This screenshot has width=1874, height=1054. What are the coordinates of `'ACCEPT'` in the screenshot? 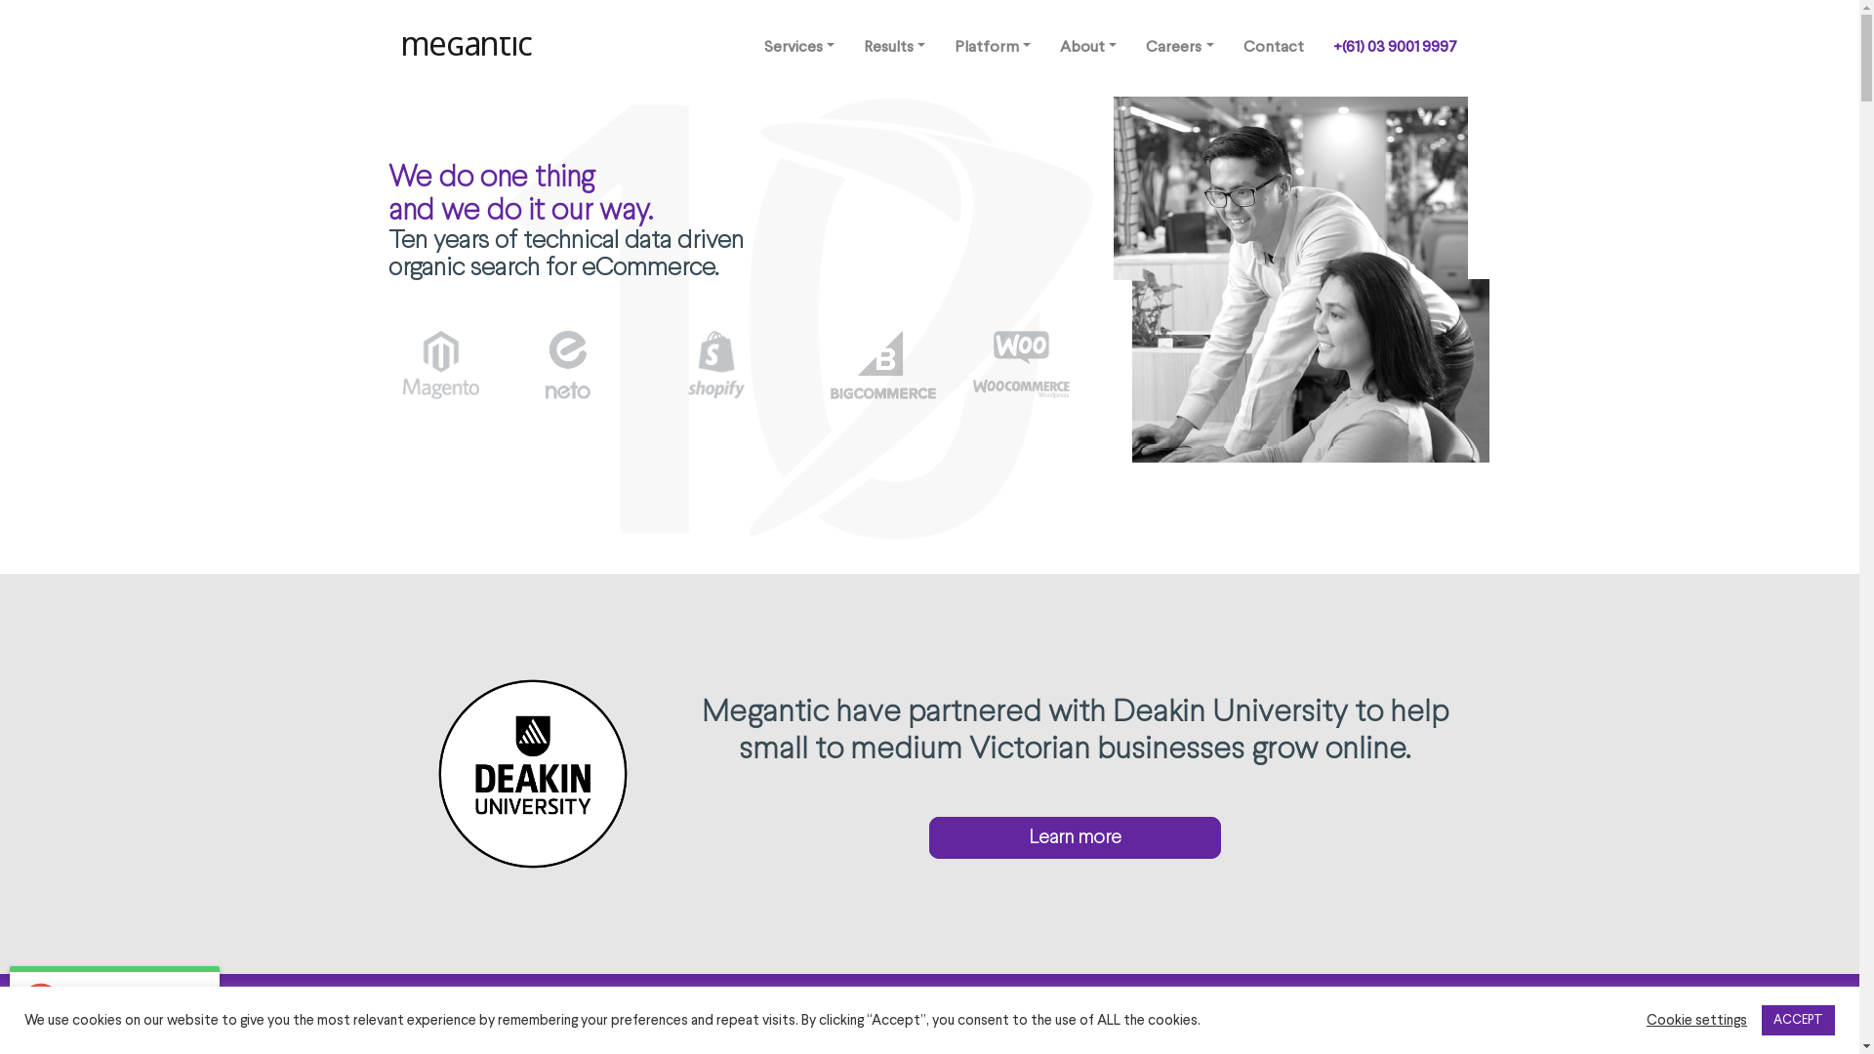 It's located at (1797, 1019).